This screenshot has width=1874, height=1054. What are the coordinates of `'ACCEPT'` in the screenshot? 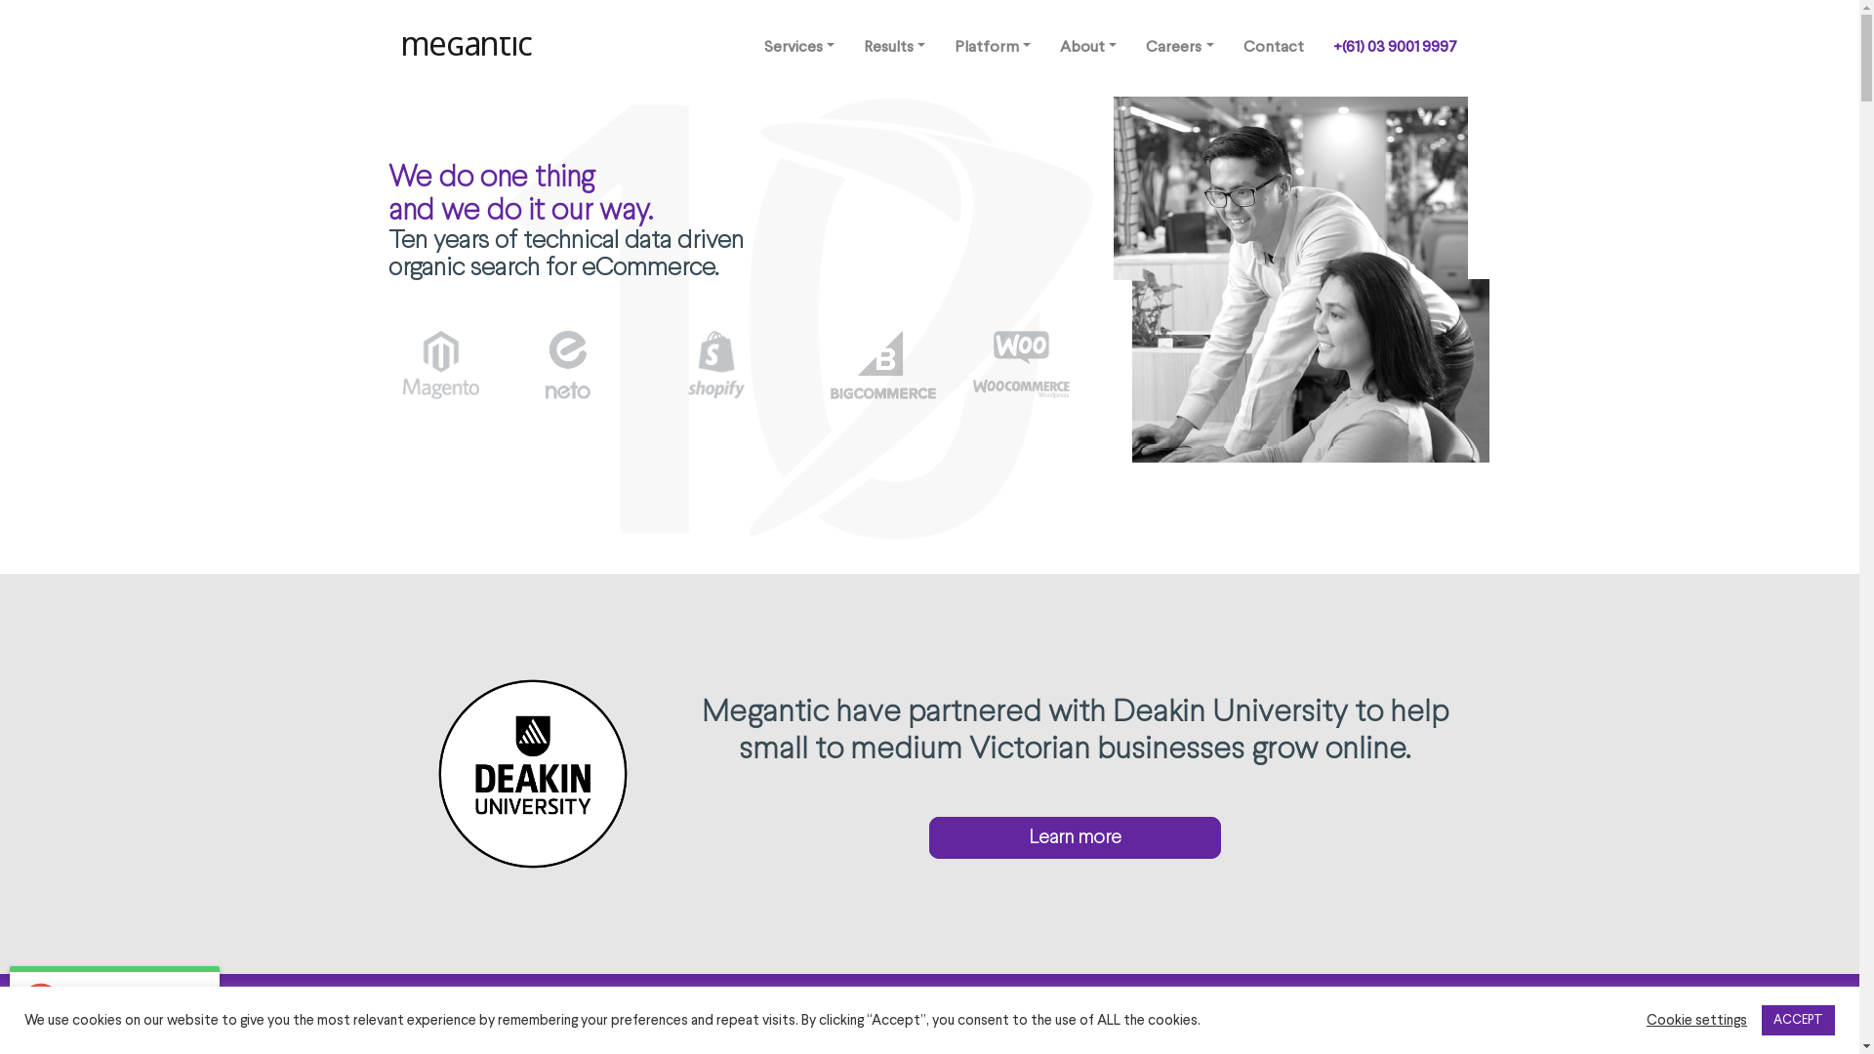 It's located at (1797, 1019).